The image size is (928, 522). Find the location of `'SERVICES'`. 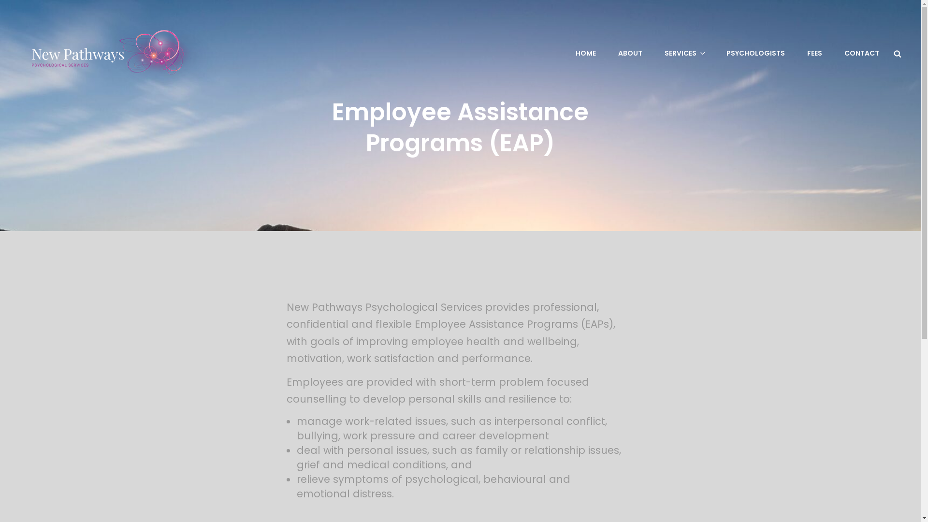

'SERVICES' is located at coordinates (684, 53).